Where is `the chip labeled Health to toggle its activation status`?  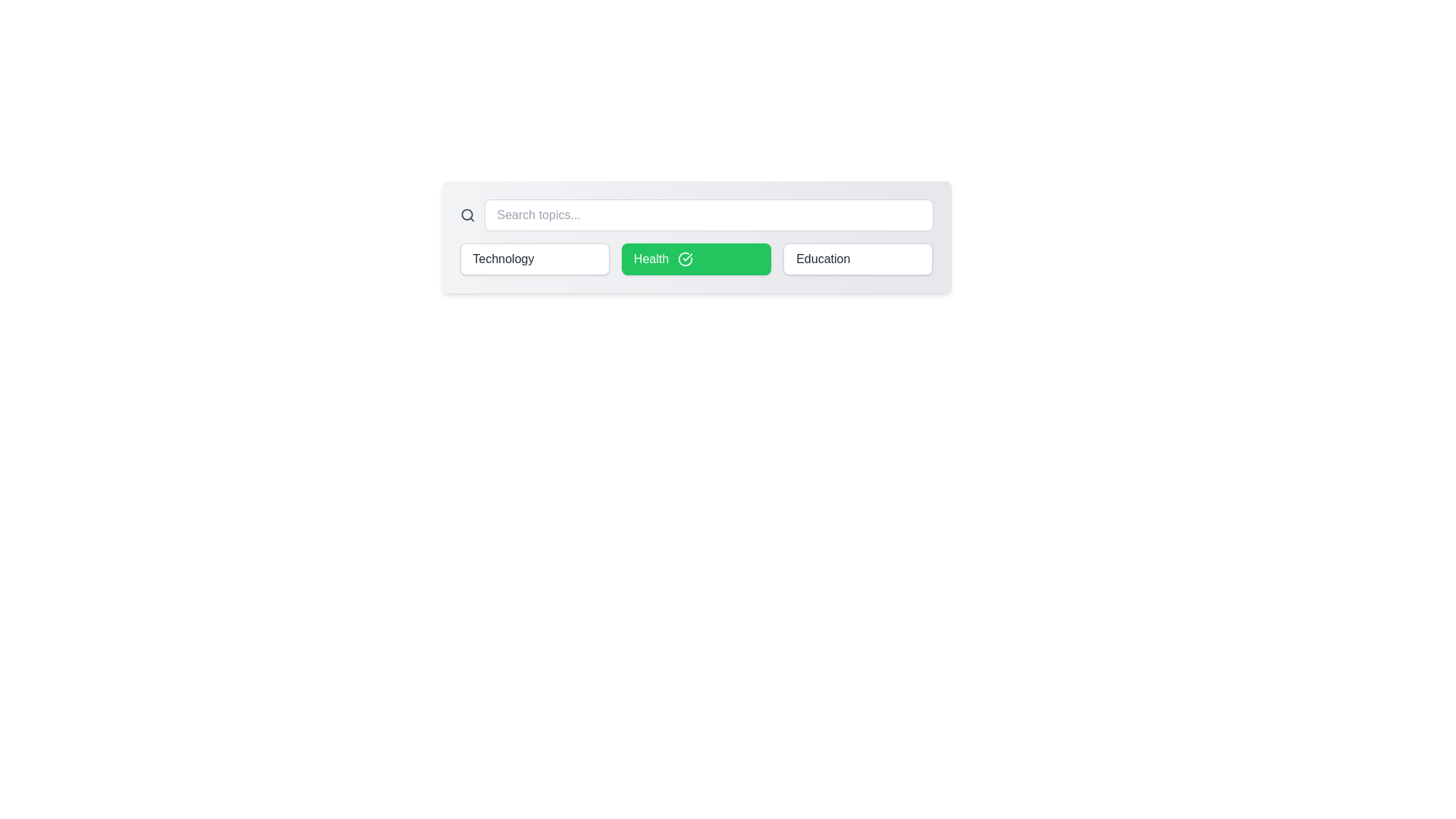 the chip labeled Health to toggle its activation status is located at coordinates (695, 259).